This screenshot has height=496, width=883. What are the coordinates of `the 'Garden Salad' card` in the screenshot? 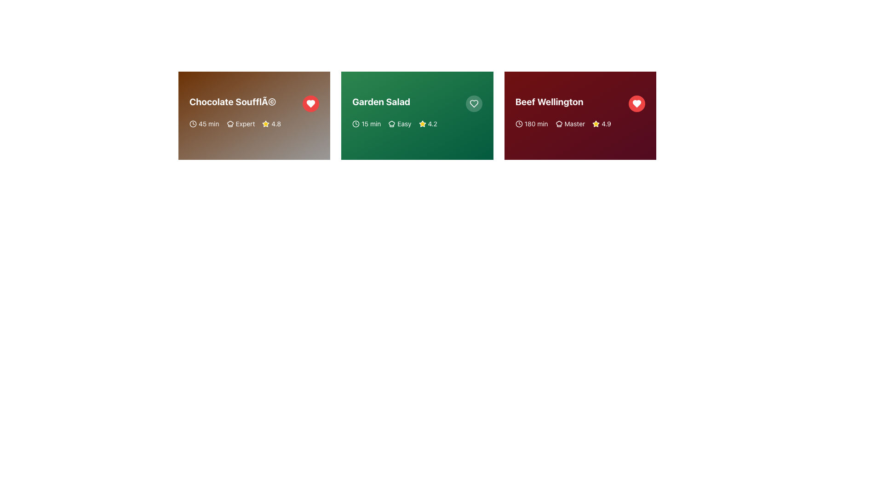 It's located at (417, 115).